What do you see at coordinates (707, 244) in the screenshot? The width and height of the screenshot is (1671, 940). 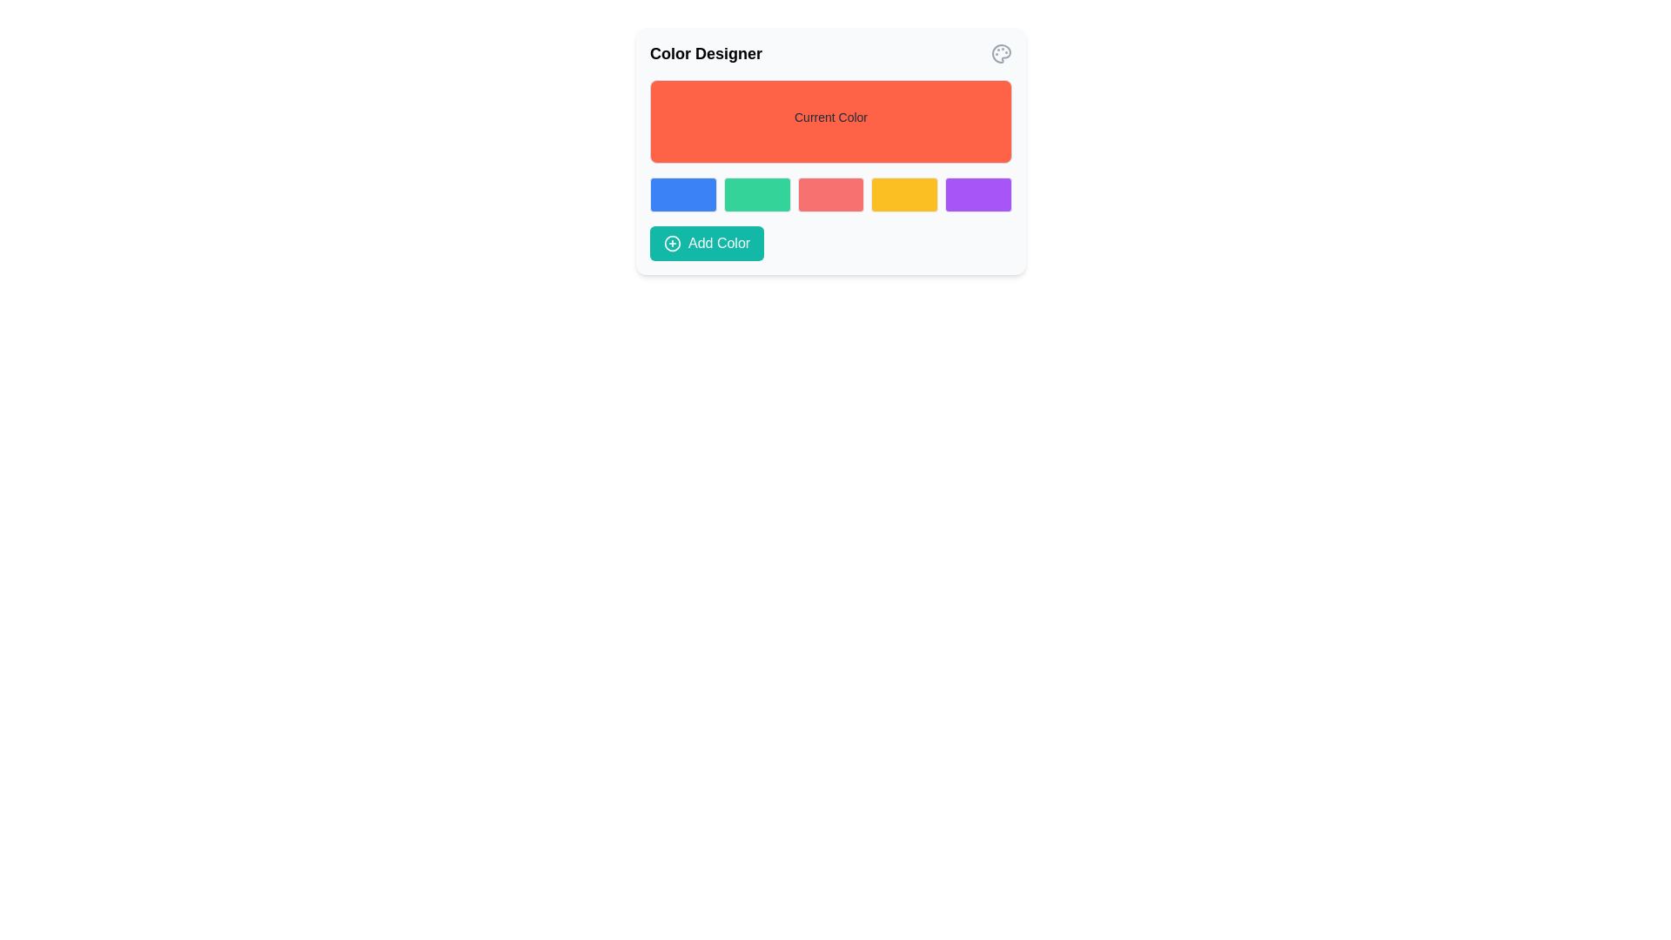 I see `the 'Add Color' button with a teal background and white text to observe any hover effects` at bounding box center [707, 244].